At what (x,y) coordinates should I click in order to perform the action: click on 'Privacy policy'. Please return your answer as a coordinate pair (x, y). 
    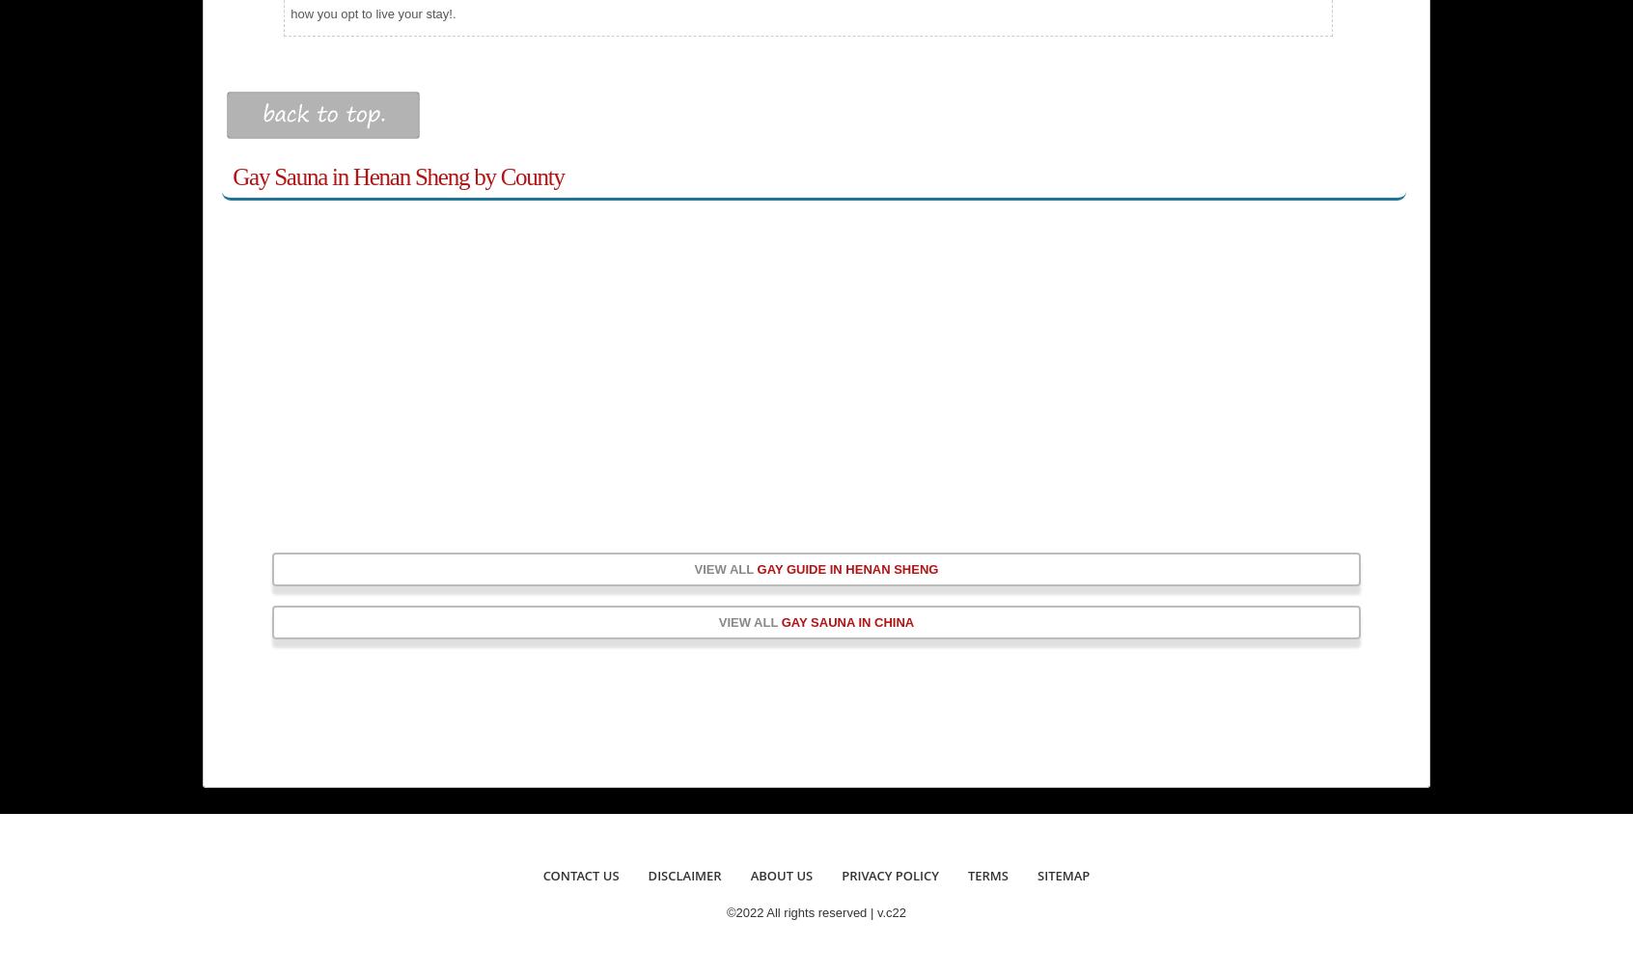
    Looking at the image, I should click on (889, 874).